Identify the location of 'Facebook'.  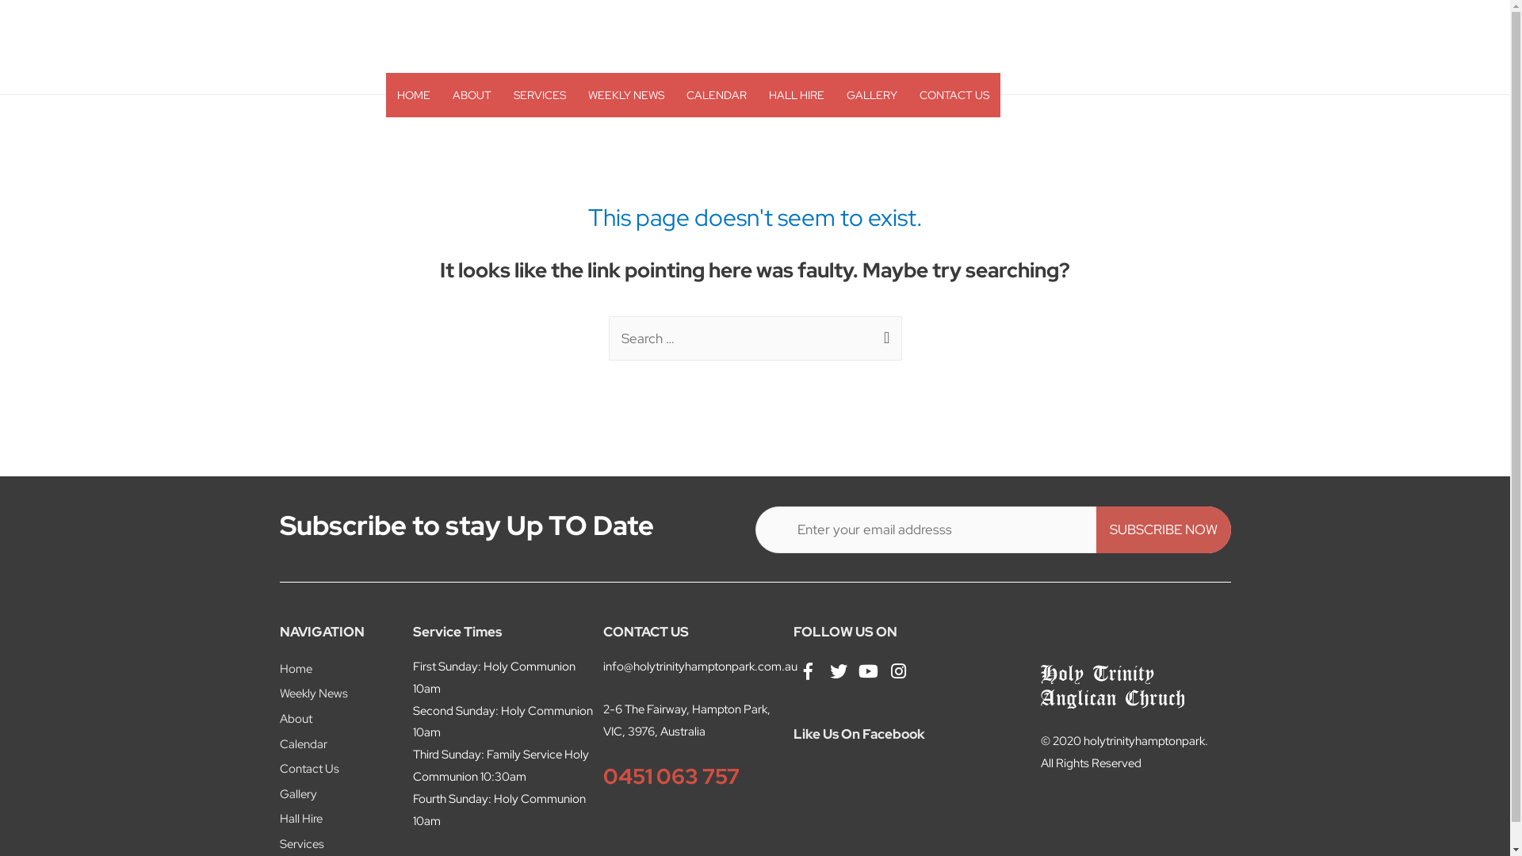
(808, 671).